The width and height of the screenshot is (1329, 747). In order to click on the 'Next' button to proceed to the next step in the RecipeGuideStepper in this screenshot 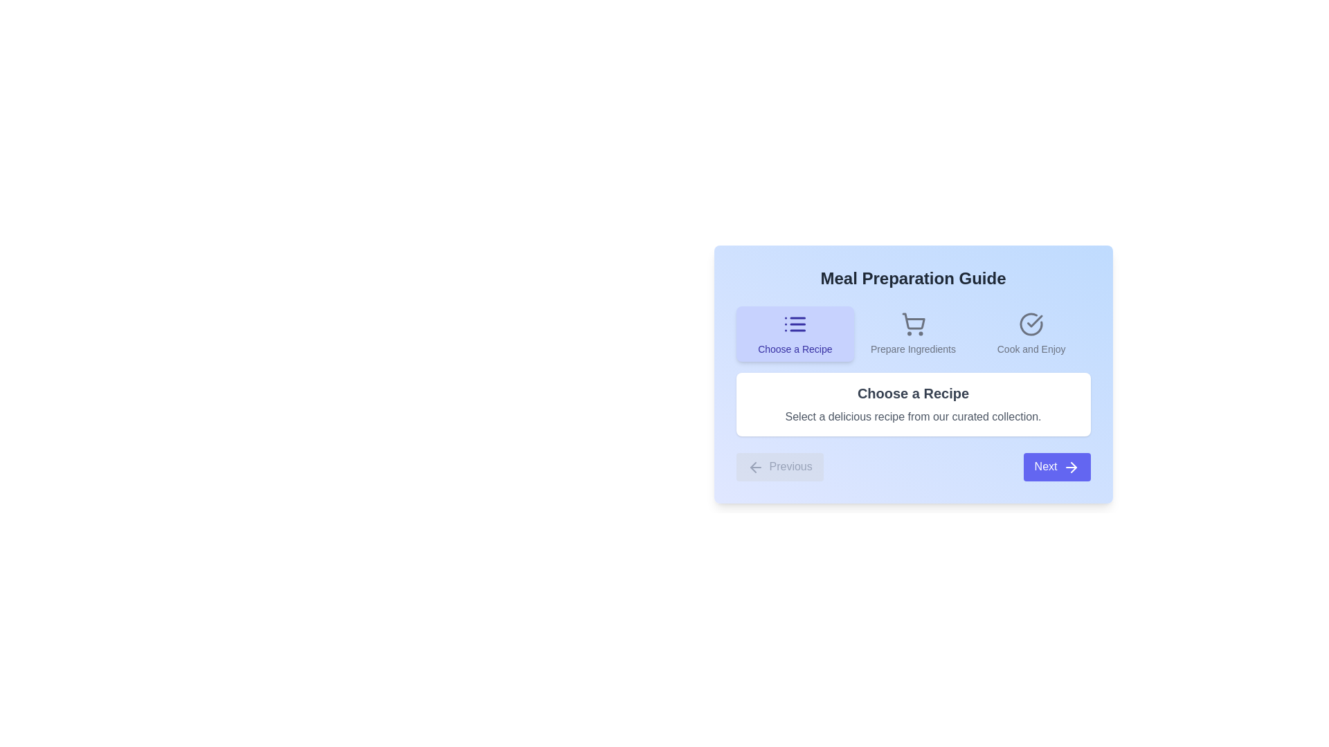, I will do `click(1056, 467)`.